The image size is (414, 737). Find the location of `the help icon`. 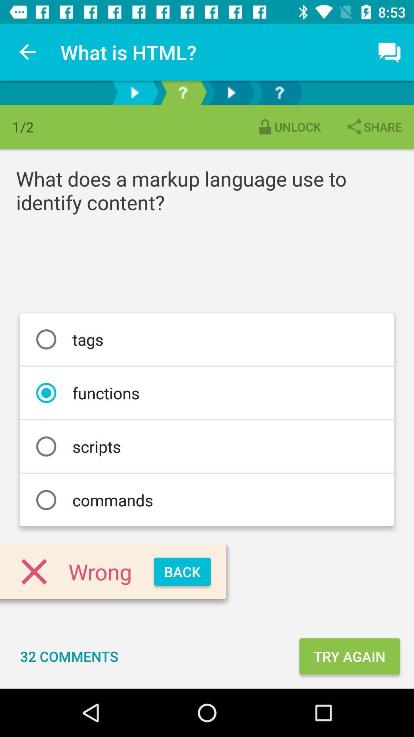

the help icon is located at coordinates (183, 92).